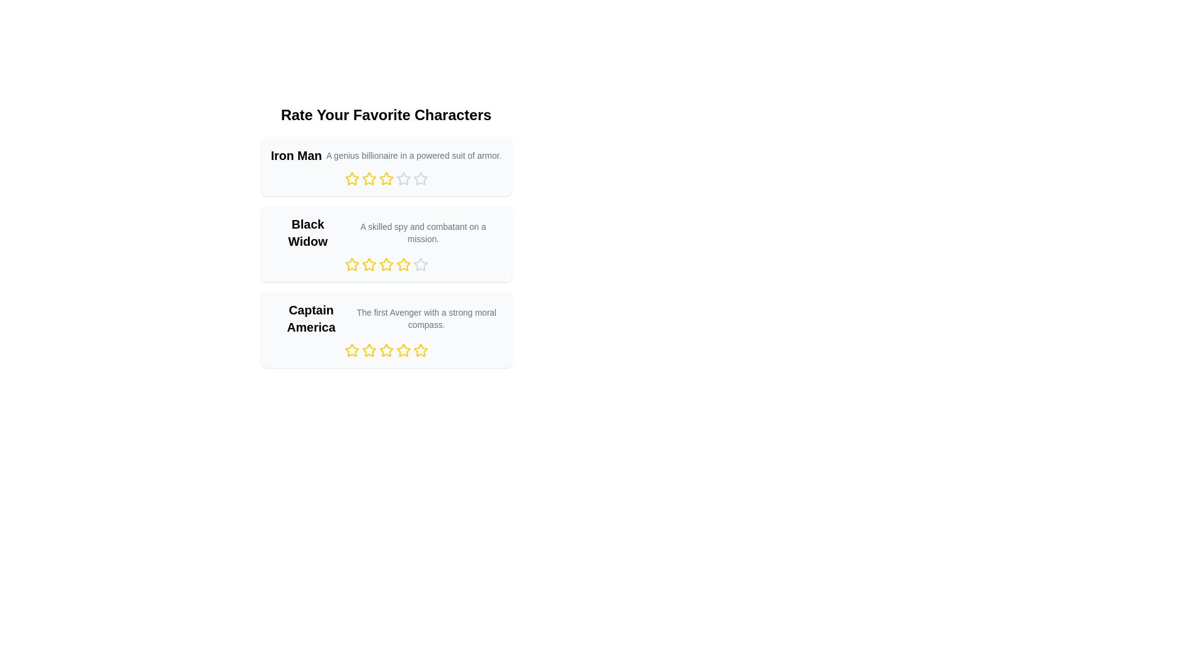 Image resolution: width=1178 pixels, height=662 pixels. I want to click on the Static Text element that describes the character 'Captain America', which is positioned below the heading 'Captain America' and above the star rating component, so click(426, 318).